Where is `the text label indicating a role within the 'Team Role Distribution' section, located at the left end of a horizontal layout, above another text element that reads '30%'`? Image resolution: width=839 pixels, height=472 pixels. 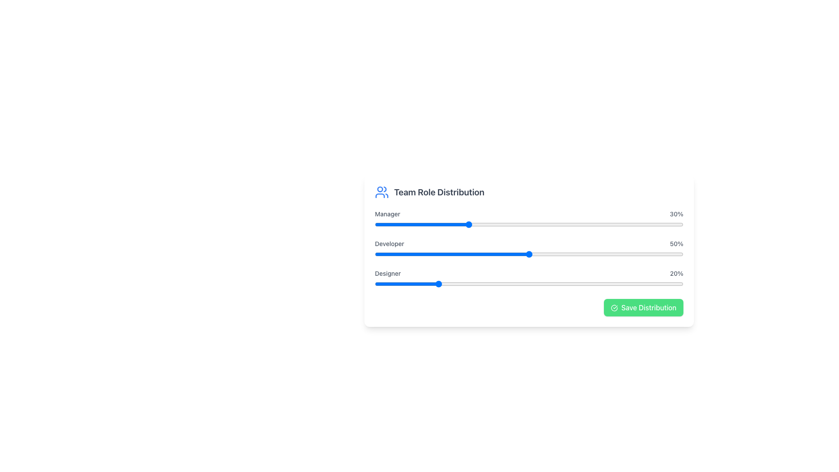
the text label indicating a role within the 'Team Role Distribution' section, located at the left end of a horizontal layout, above another text element that reads '30%' is located at coordinates (387, 214).